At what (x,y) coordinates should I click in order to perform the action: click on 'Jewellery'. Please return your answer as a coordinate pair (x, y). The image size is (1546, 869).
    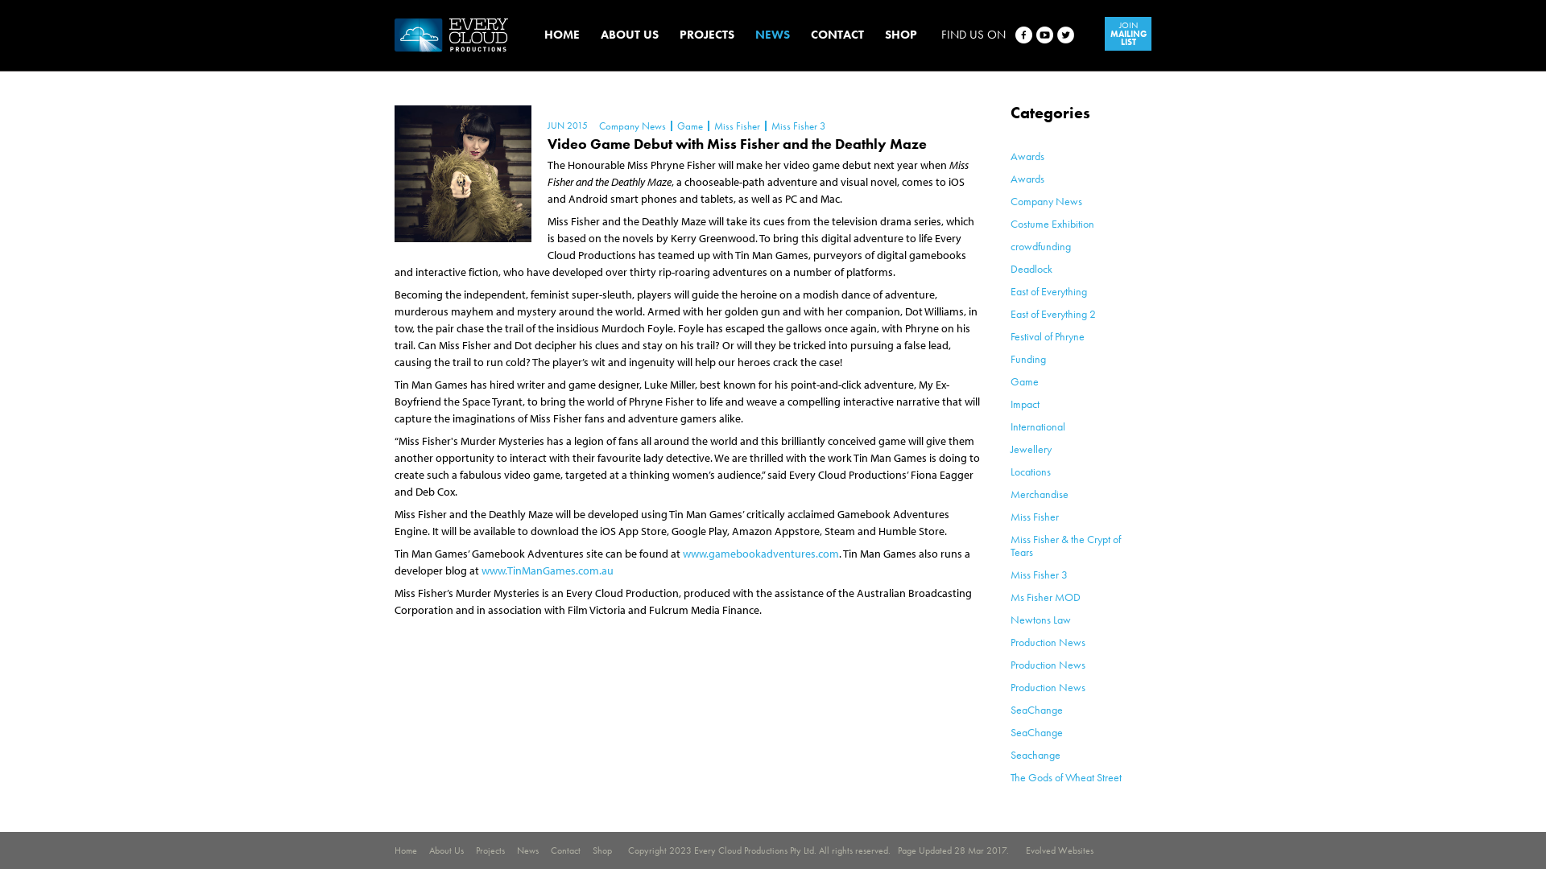
    Looking at the image, I should click on (1031, 449).